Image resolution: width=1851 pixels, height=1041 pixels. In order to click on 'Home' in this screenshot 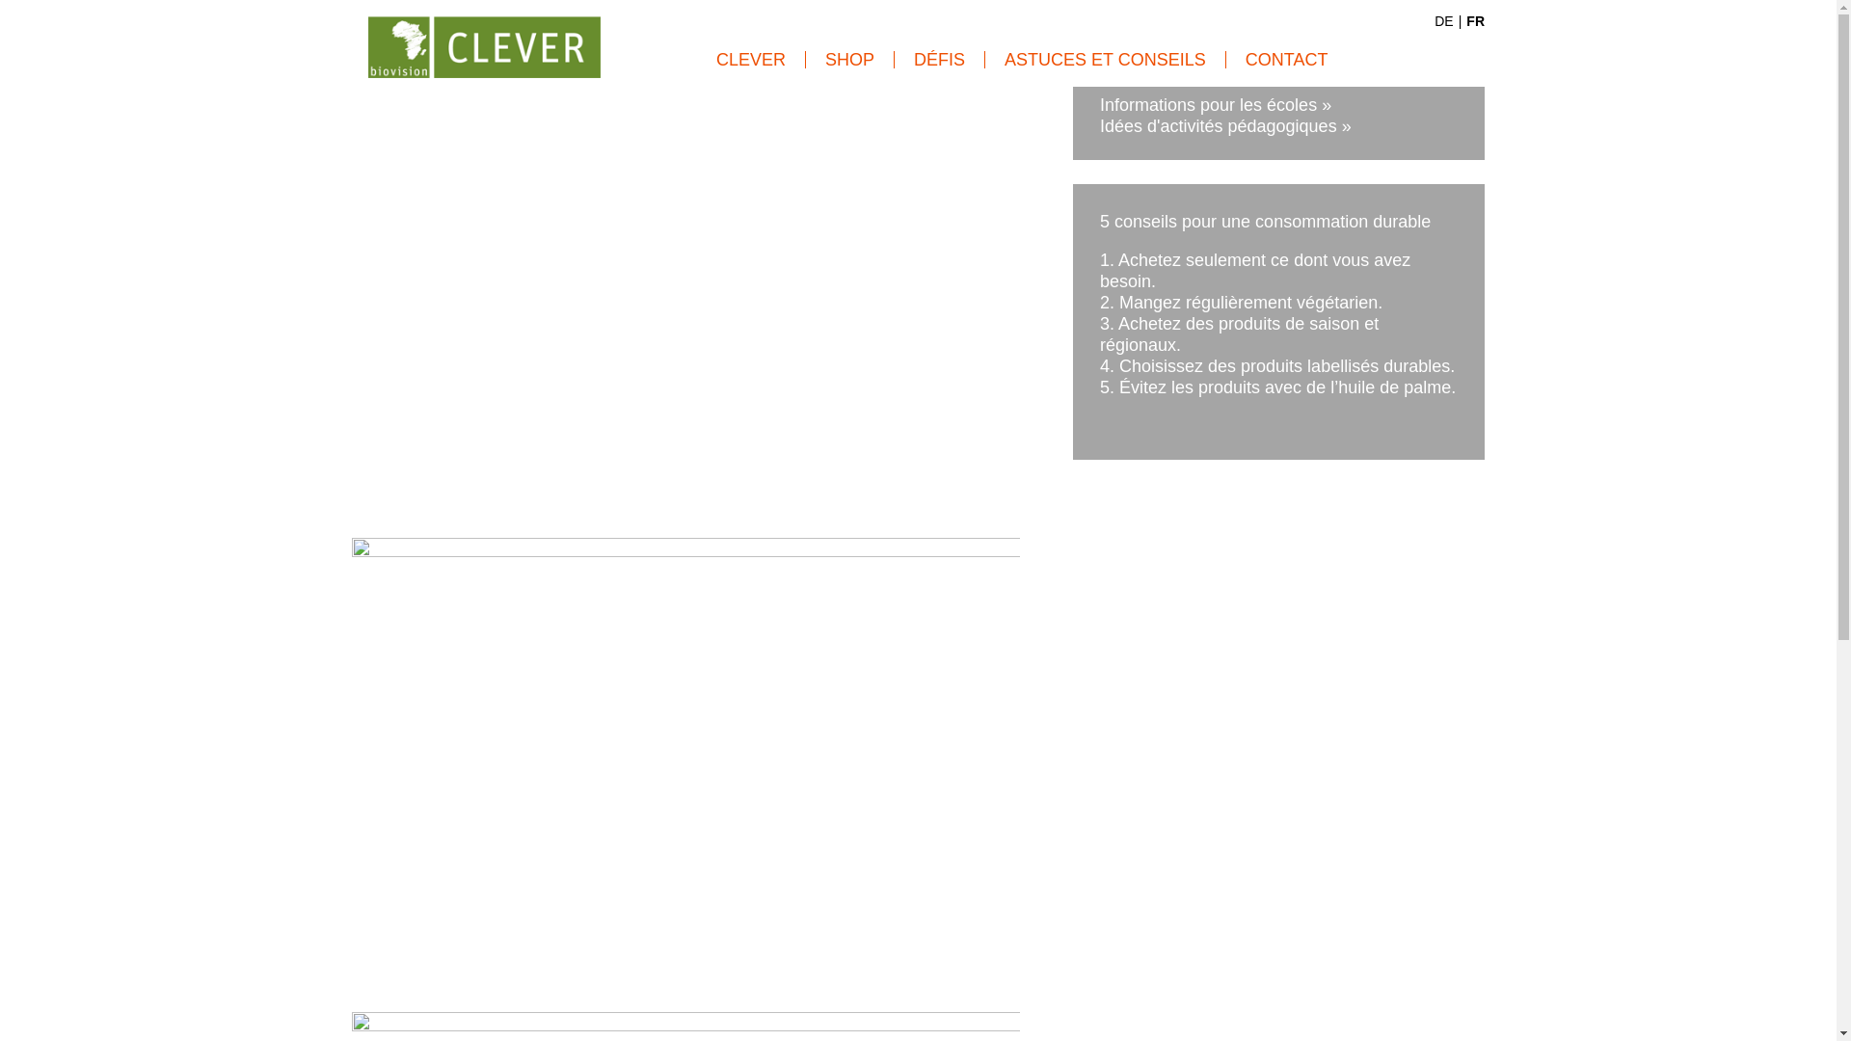, I will do `click(484, 43)`.